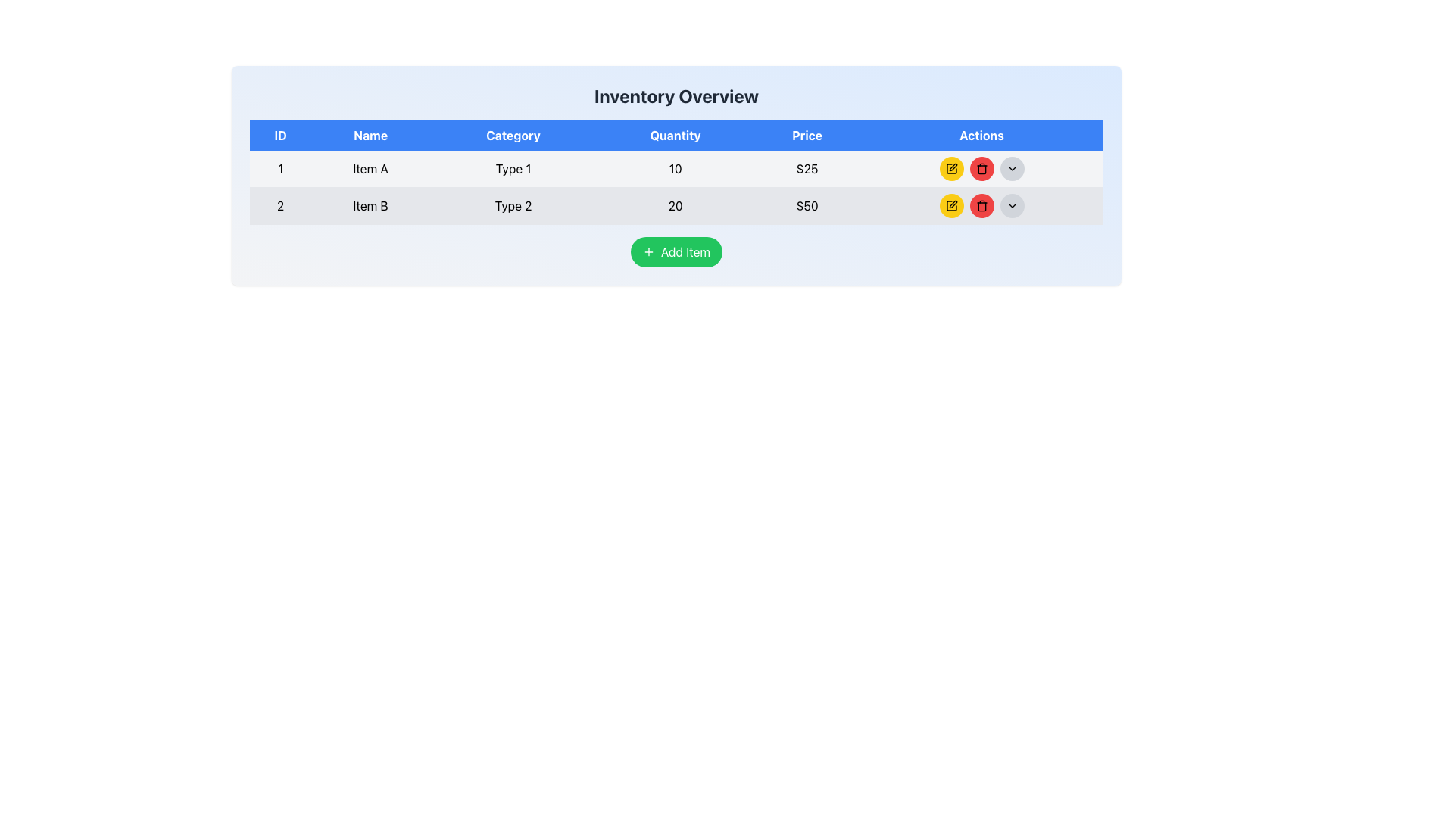 The height and width of the screenshot is (818, 1454). Describe the element at coordinates (1011, 169) in the screenshot. I see `the downward-pointing chevron icon inside the gray-rounded button in the 'Actions' column of the second table row` at that location.